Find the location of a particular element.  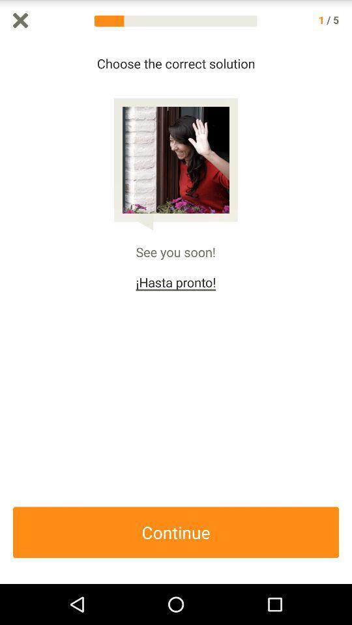

item next to continue icon is located at coordinates (345, 312).